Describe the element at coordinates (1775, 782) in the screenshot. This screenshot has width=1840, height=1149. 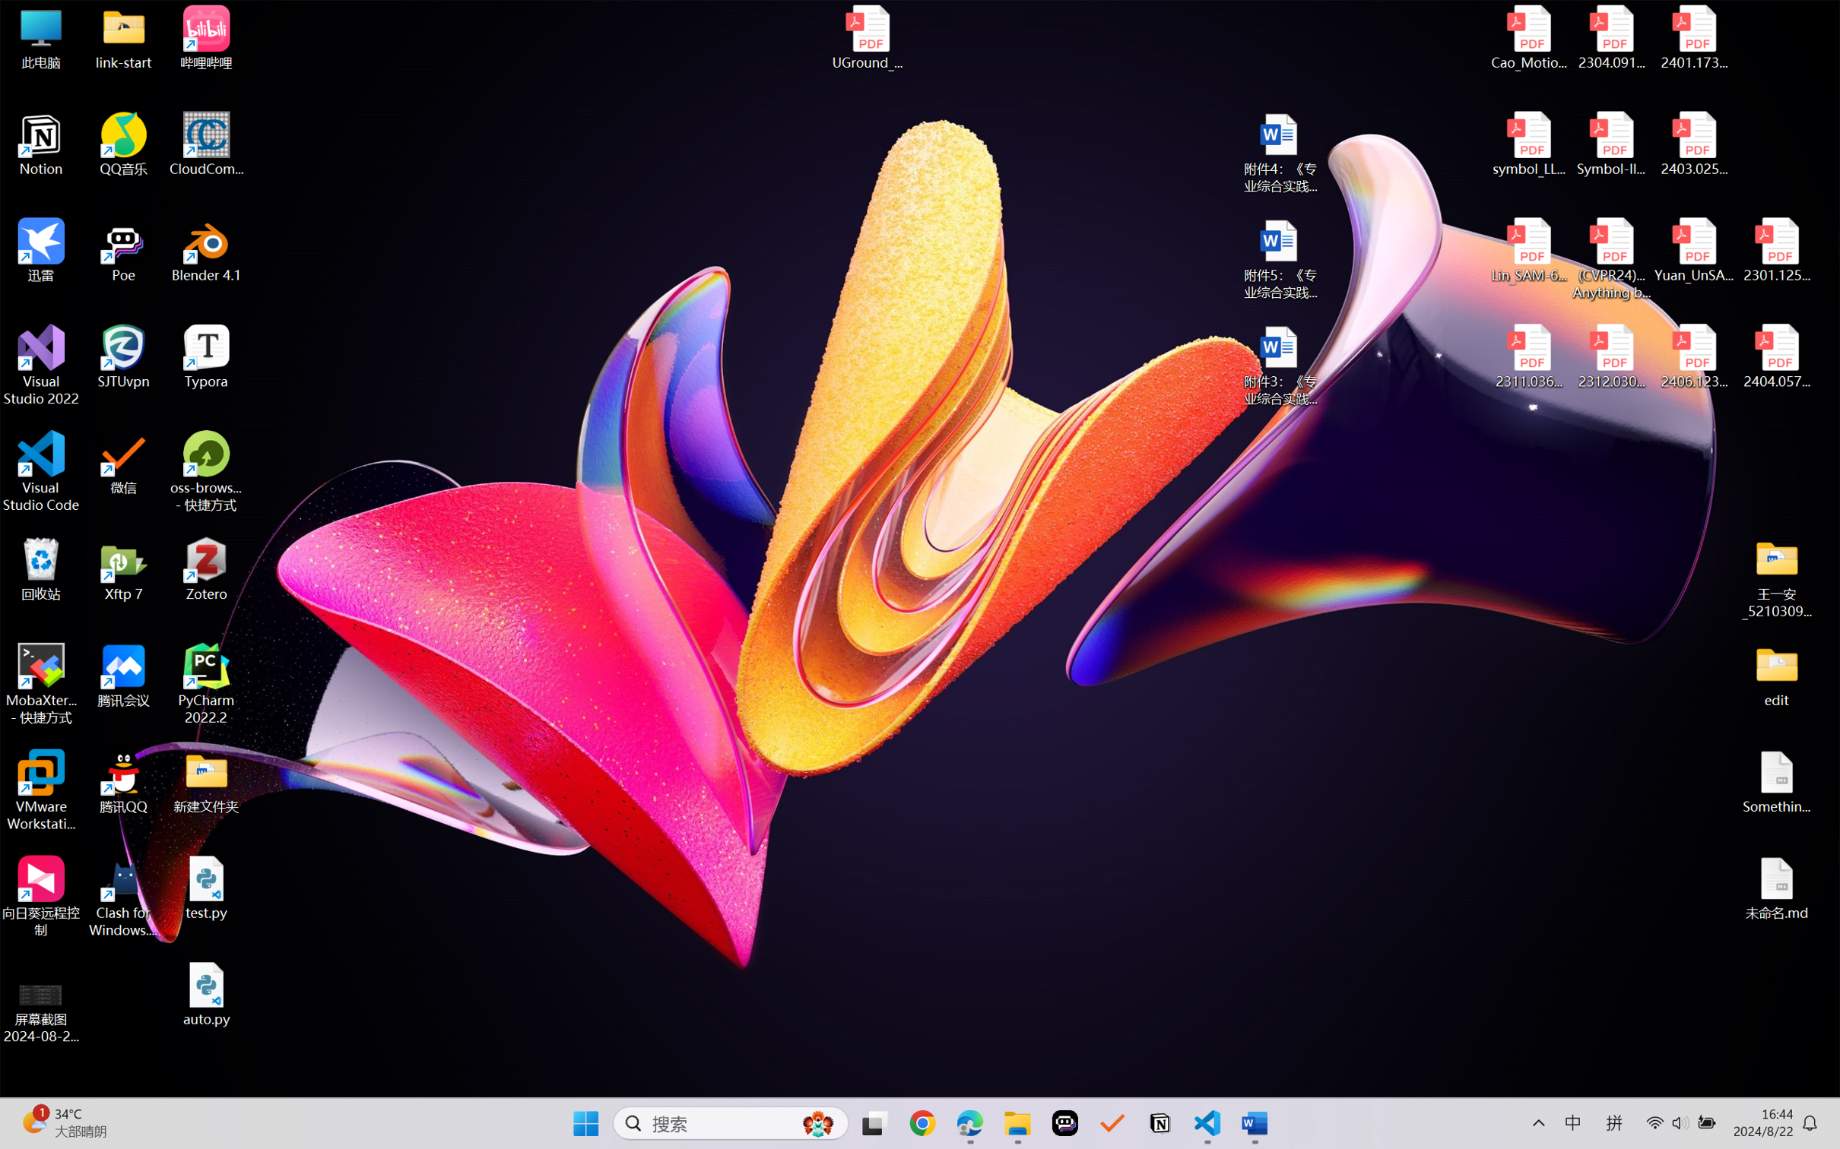
I see `'Something.md'` at that location.